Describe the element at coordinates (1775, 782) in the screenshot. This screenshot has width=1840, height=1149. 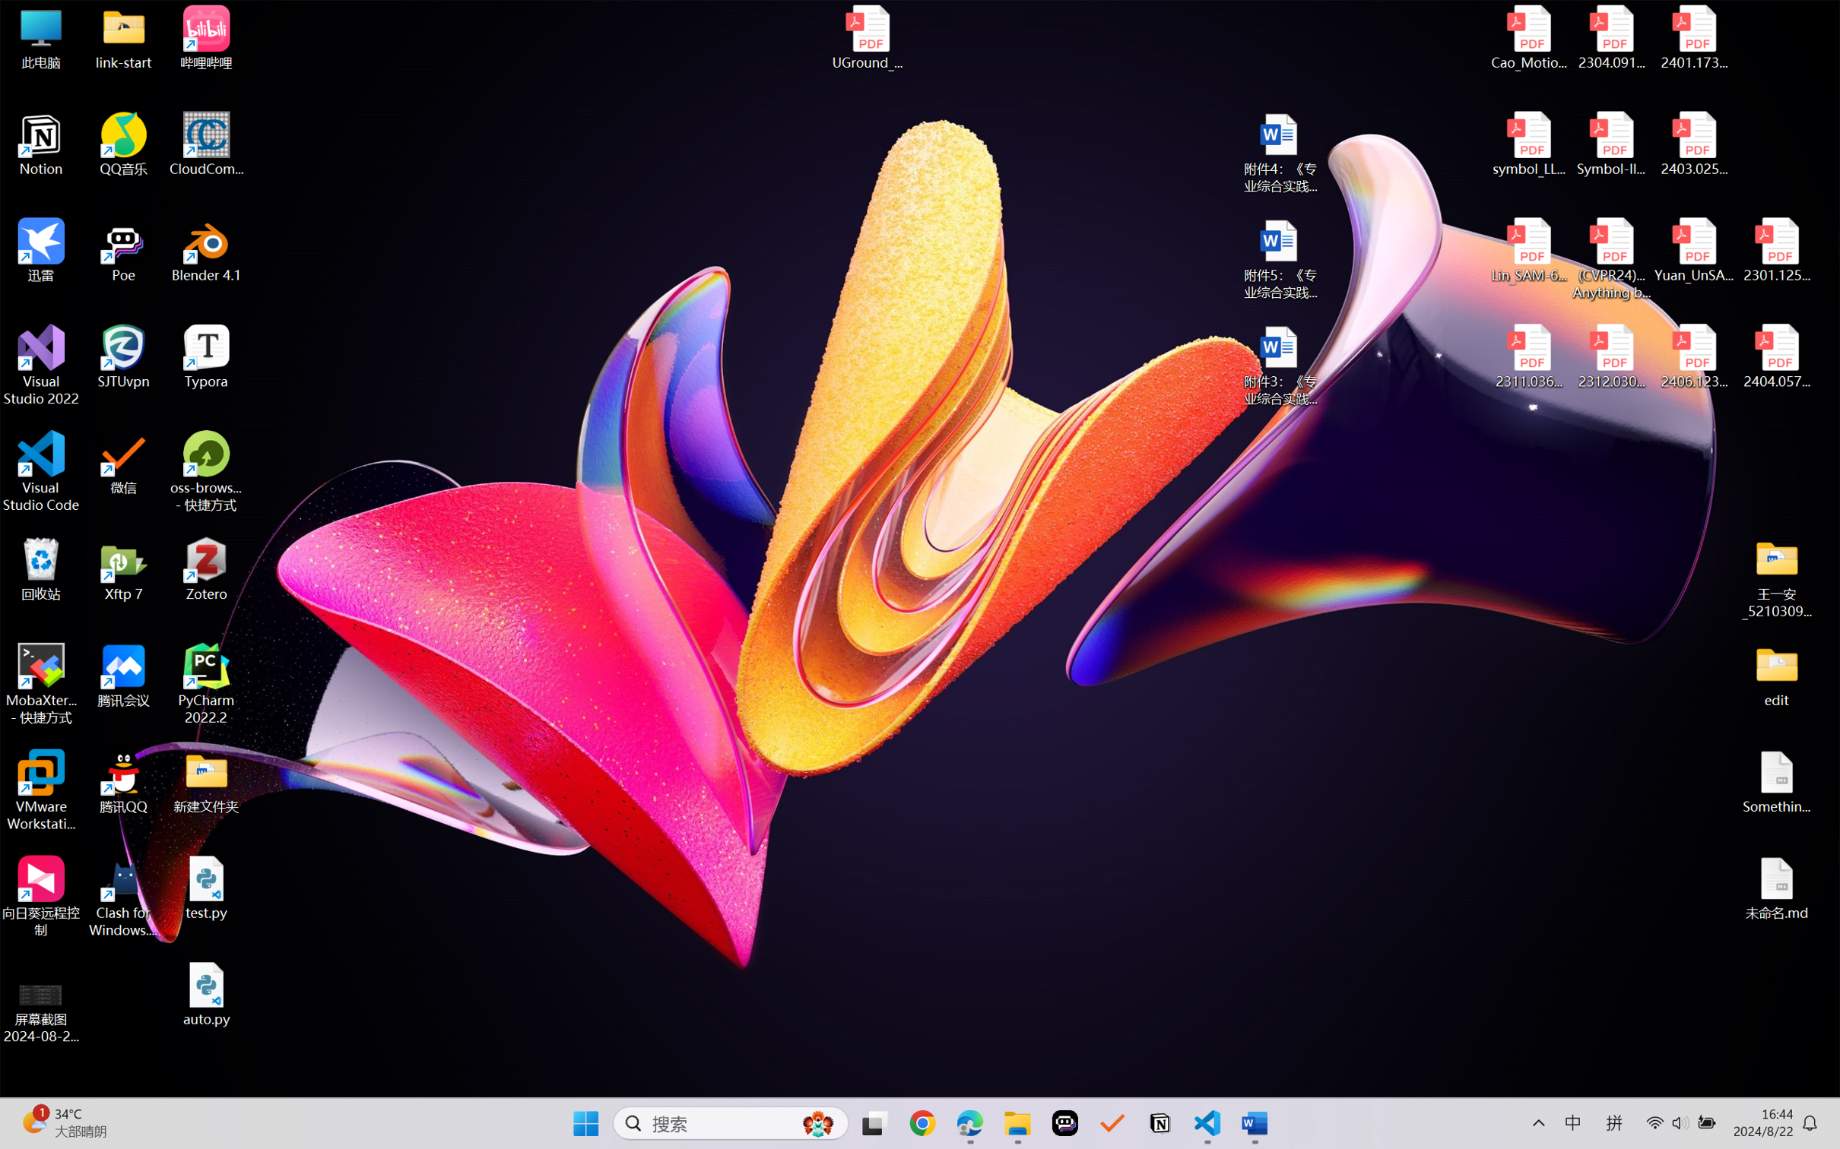
I see `'Something.md'` at that location.